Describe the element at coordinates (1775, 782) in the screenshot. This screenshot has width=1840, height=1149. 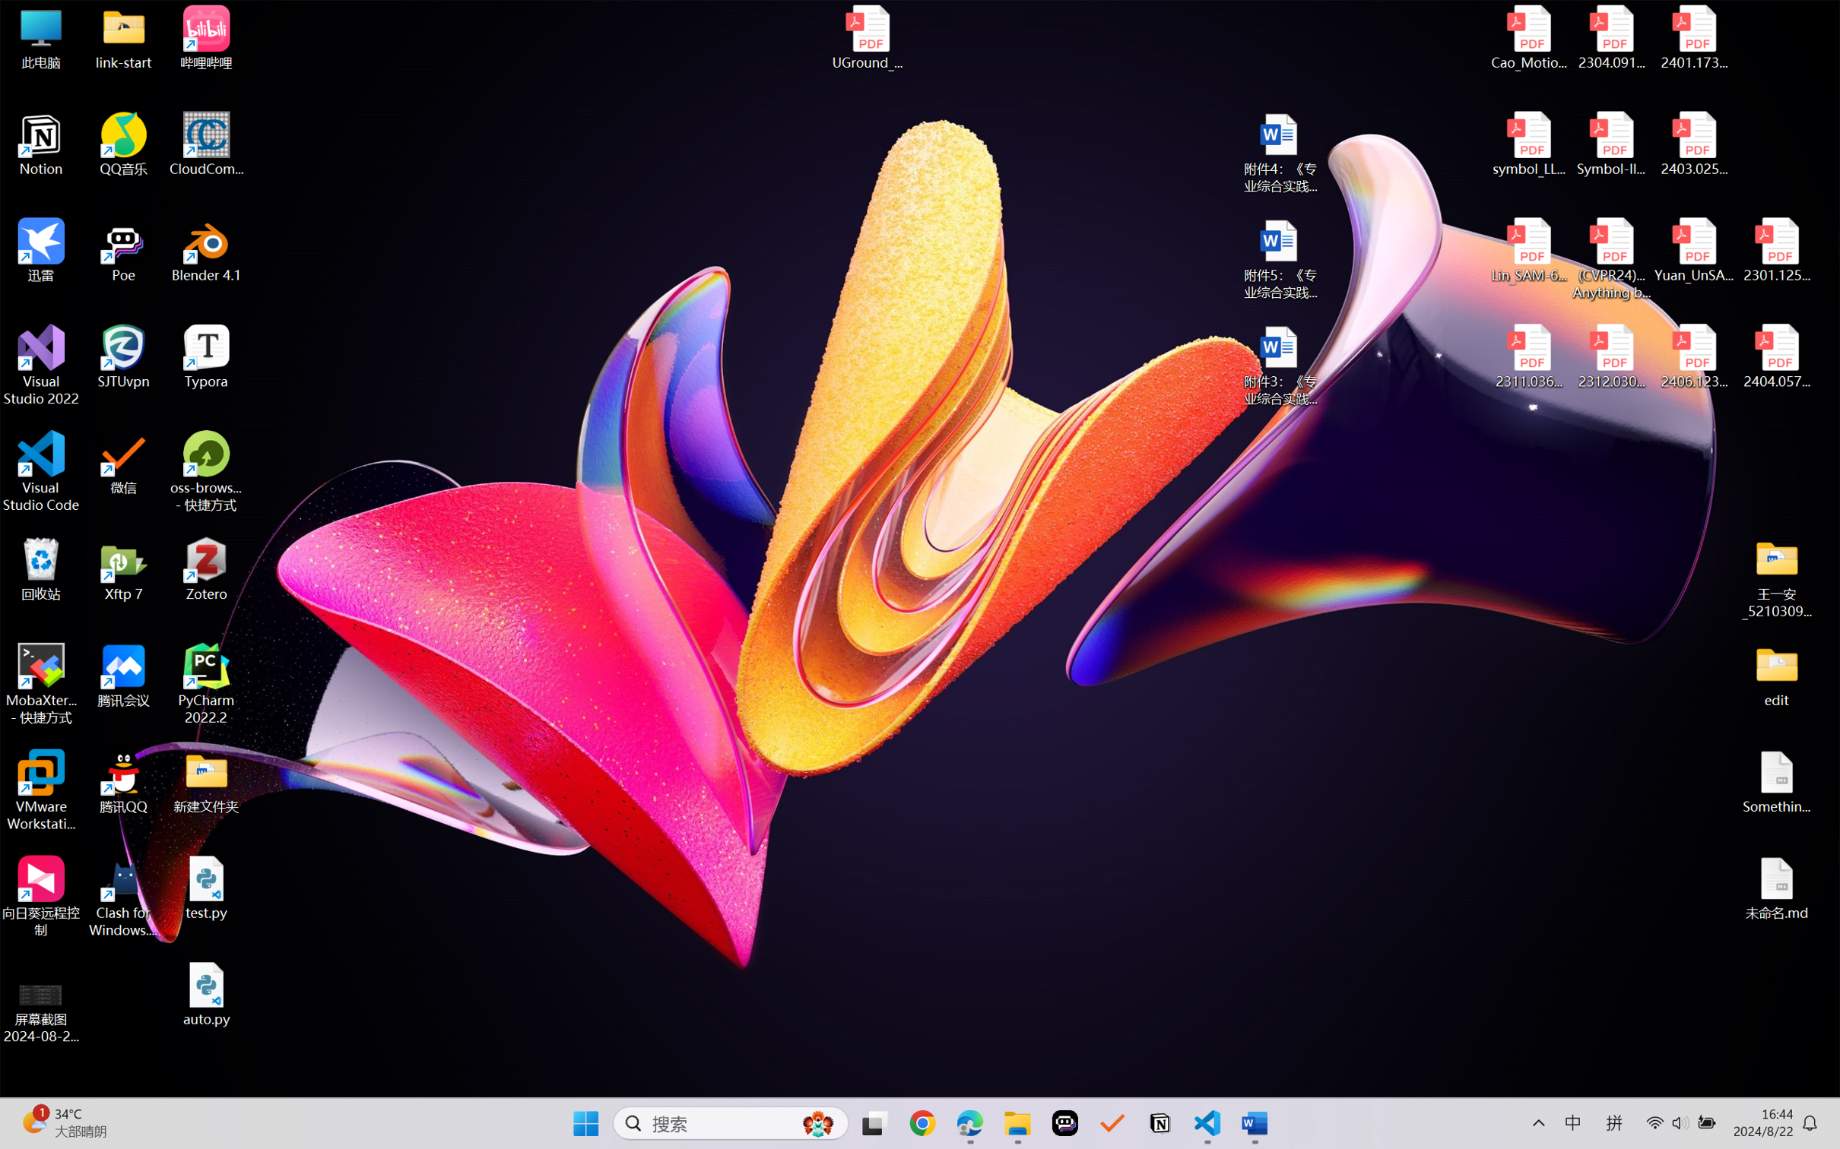
I see `'Something.md'` at that location.